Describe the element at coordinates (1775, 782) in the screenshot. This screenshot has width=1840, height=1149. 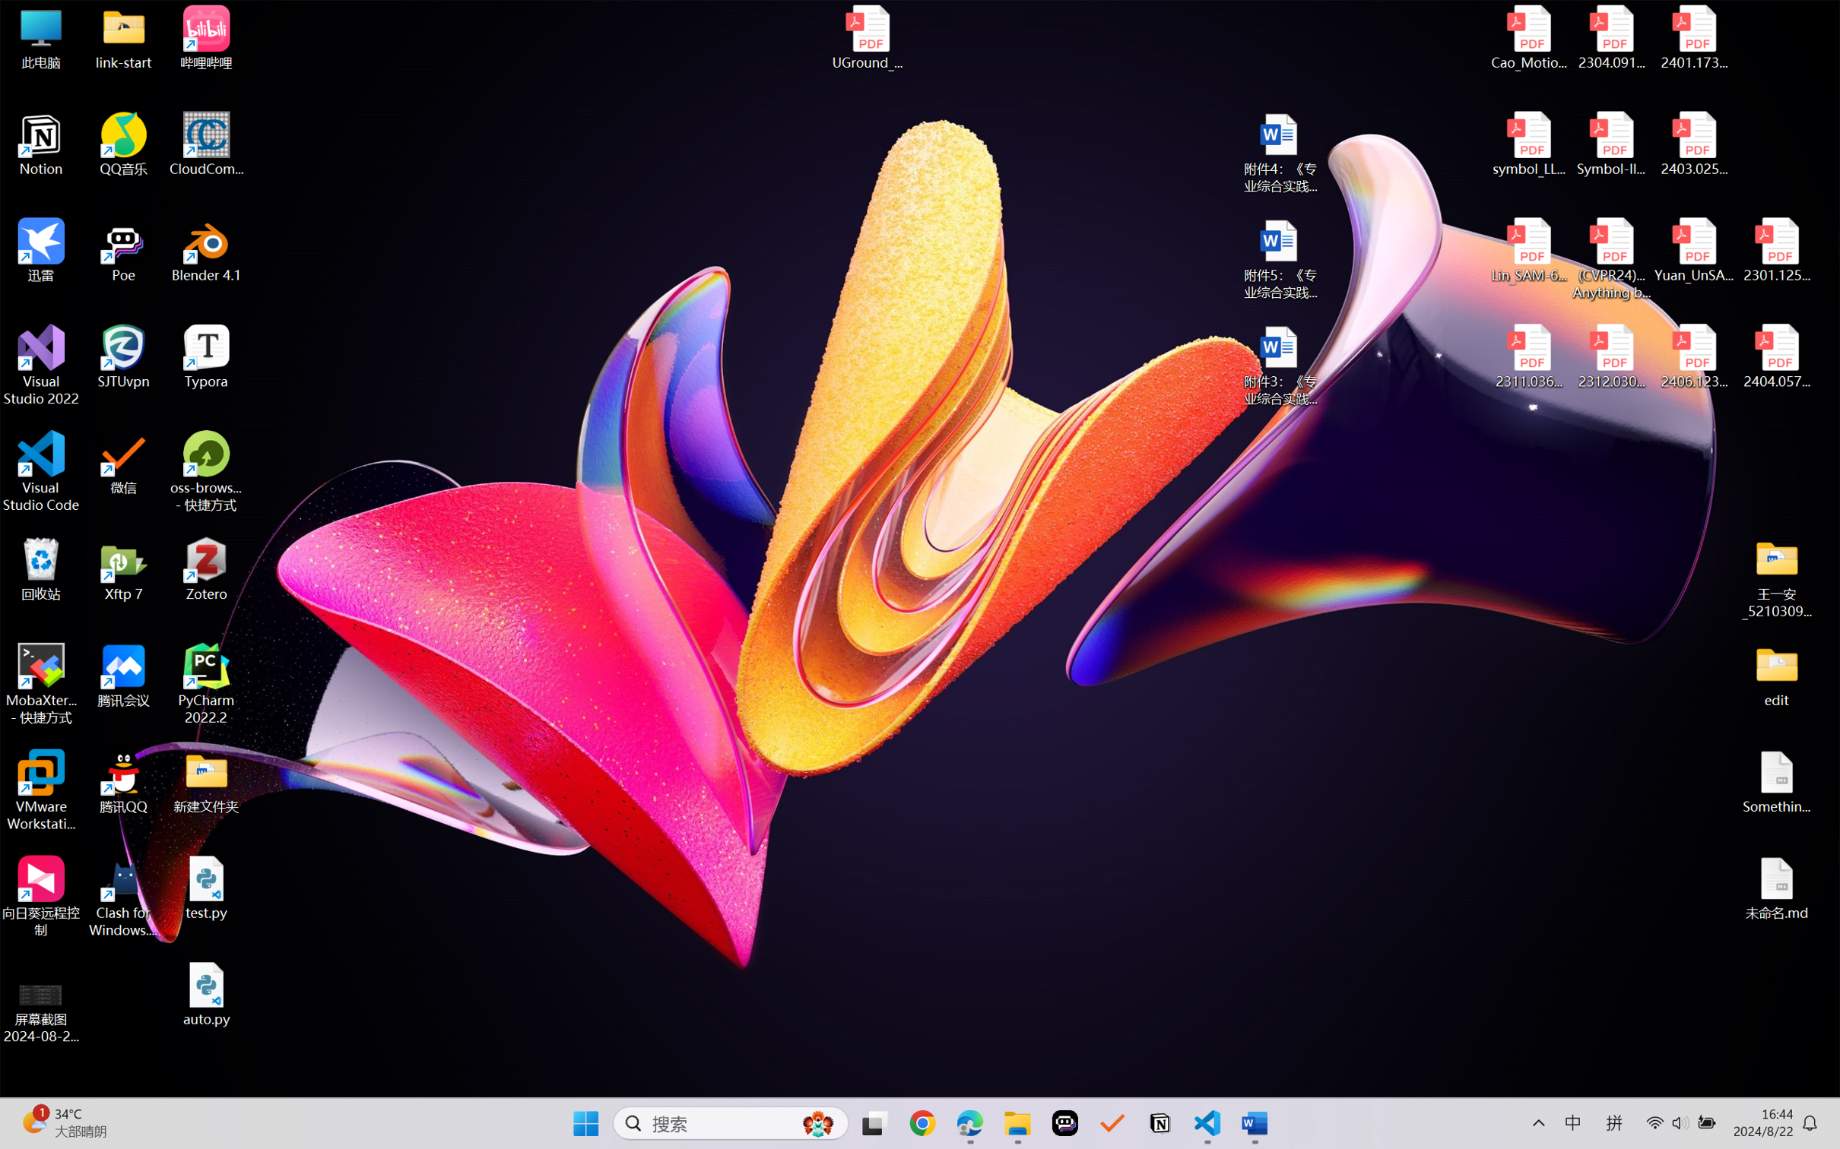
I see `'Something.md'` at that location.